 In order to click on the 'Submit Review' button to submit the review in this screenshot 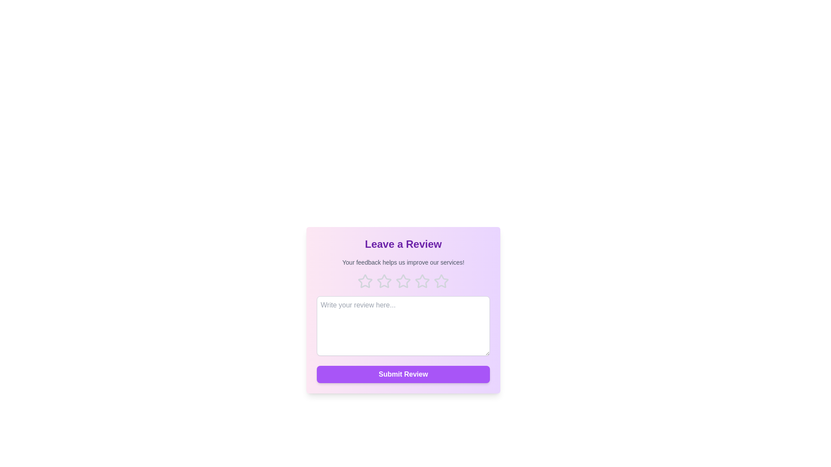, I will do `click(403, 374)`.